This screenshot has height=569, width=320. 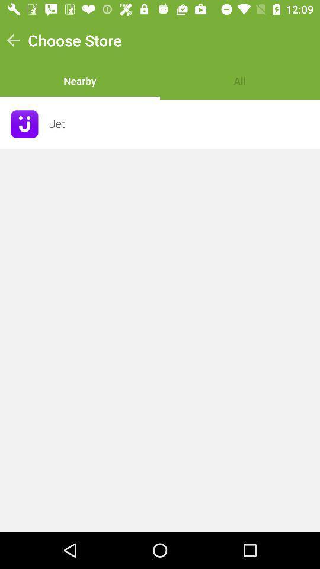 What do you see at coordinates (12, 40) in the screenshot?
I see `the icon to the left of choose store item` at bounding box center [12, 40].